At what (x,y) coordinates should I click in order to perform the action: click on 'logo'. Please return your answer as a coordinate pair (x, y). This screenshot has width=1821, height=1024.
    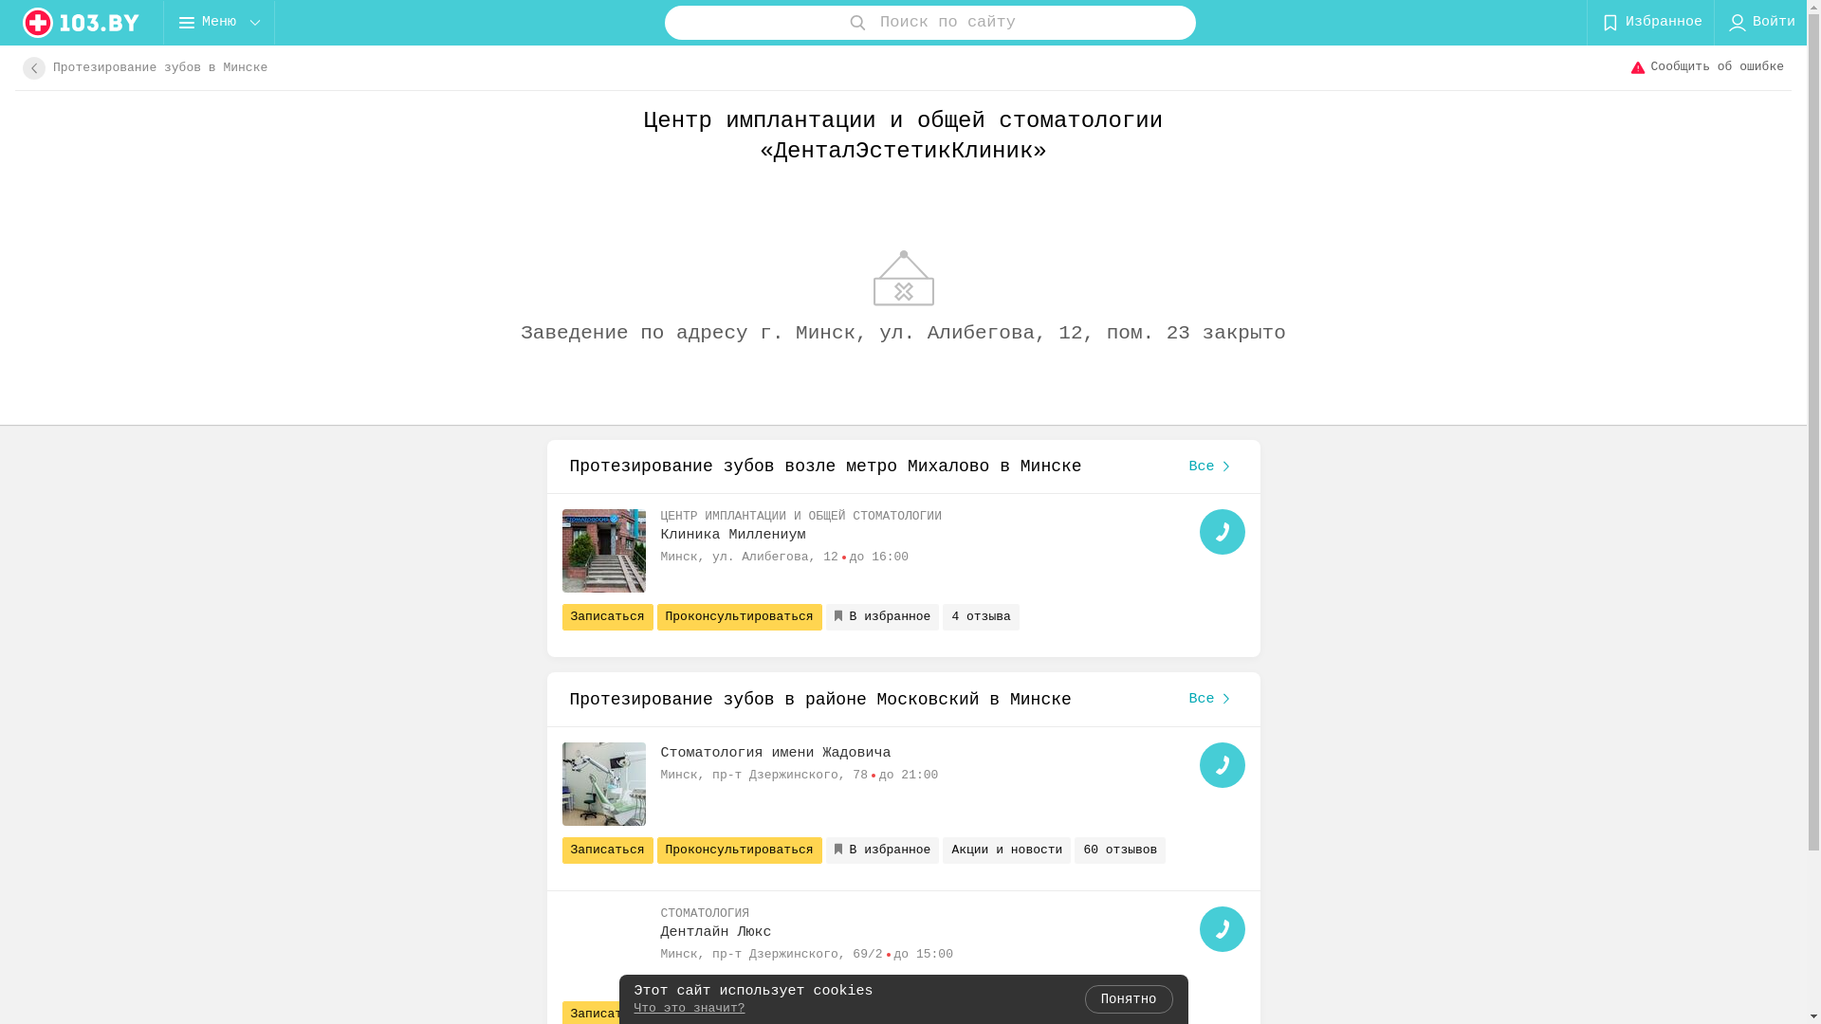
    Looking at the image, I should click on (23, 22).